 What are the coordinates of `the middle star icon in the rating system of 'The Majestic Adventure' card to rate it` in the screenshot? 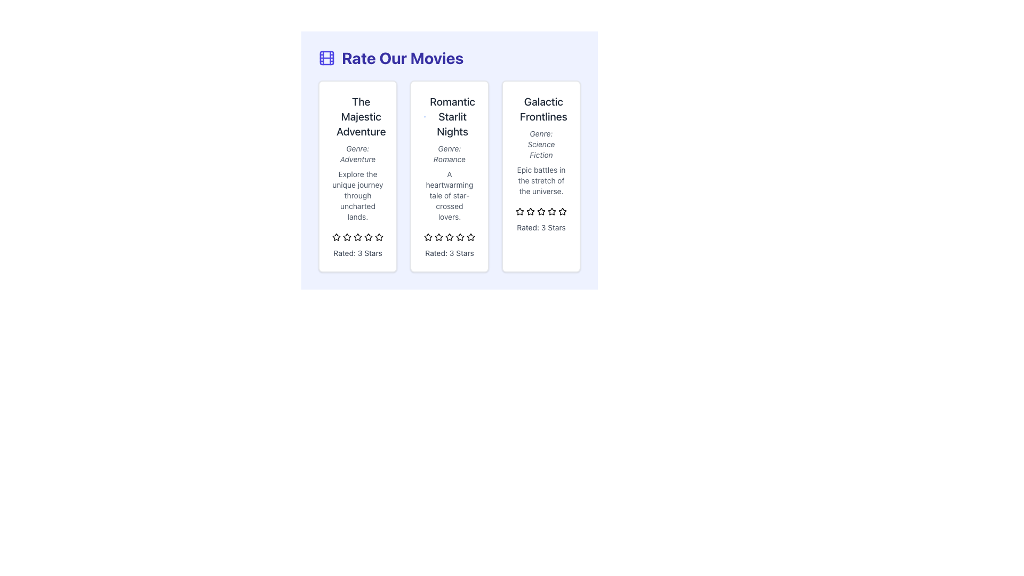 It's located at (358, 236).